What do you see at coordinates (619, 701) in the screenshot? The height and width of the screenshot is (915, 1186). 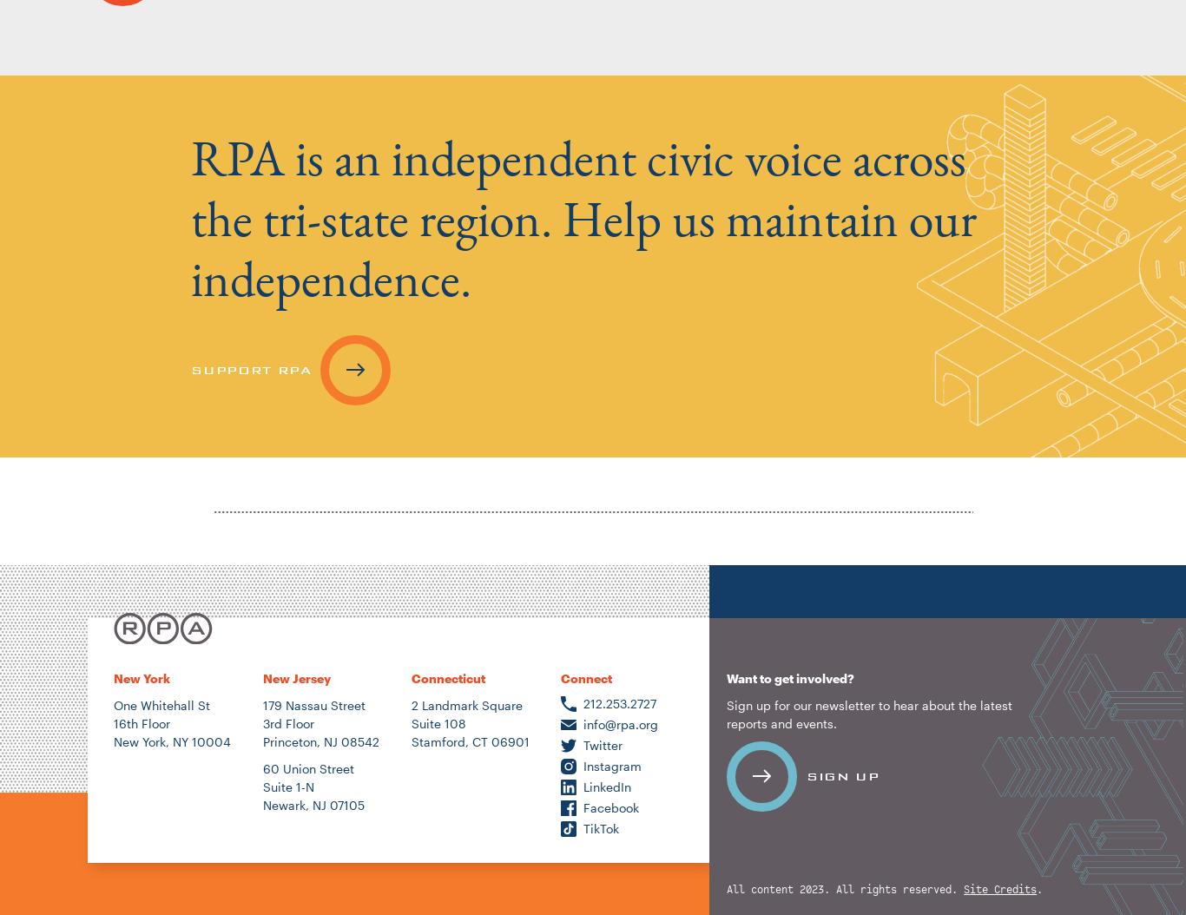 I see `'212.253.2727'` at bounding box center [619, 701].